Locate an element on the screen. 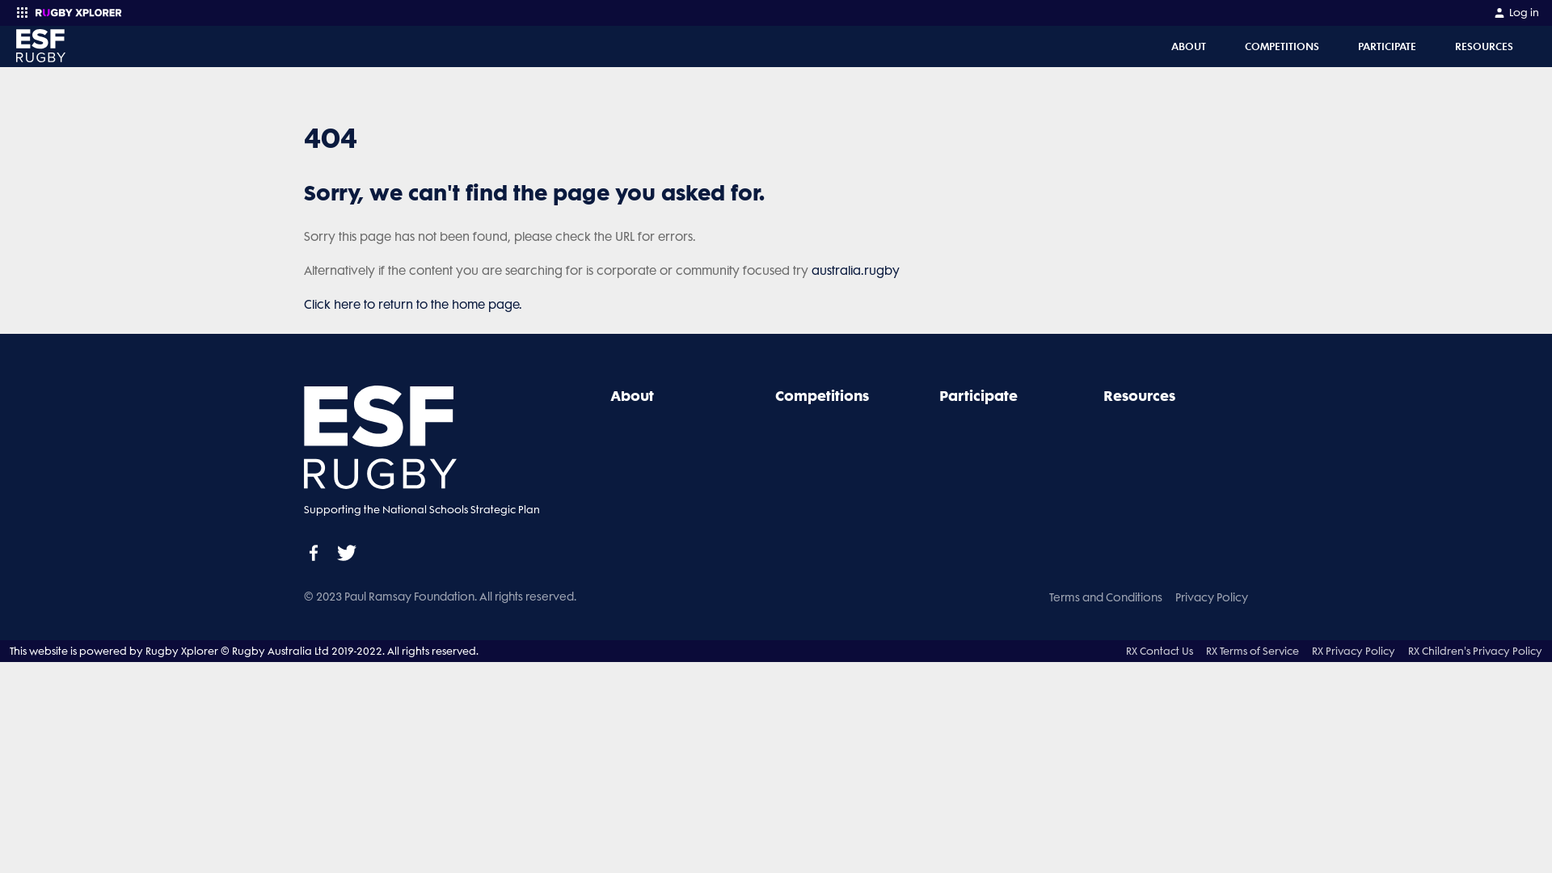  'PARTICIPATE' is located at coordinates (1386, 45).